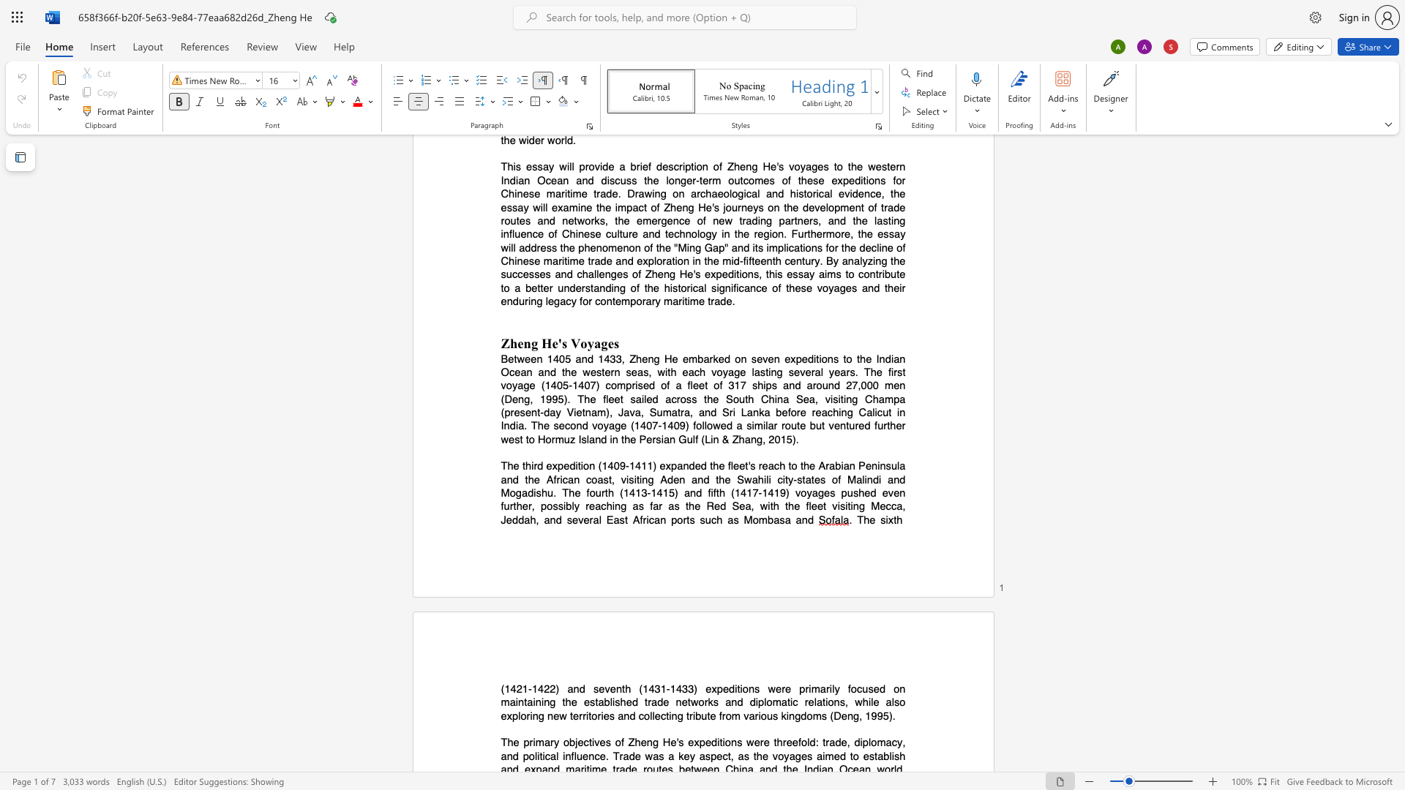 Image resolution: width=1405 pixels, height=790 pixels. I want to click on the subset text "22) and seventh (" within the text "(1421-1422) and seventh (1431-1433) expeditions were primarily focused on", so click(543, 688).